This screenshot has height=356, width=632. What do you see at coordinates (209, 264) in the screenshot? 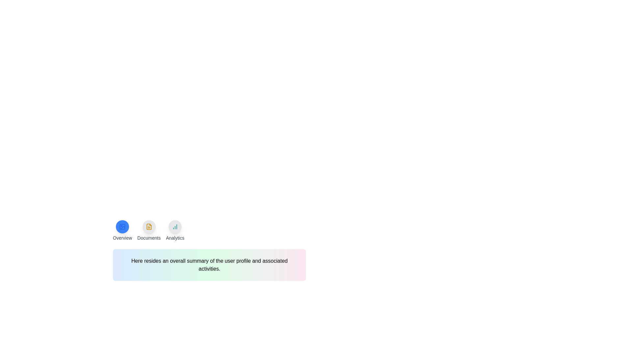
I see `the content of the text component that contains the phrase 'Here resides an overall summary of the user profile and associated activities.'` at bounding box center [209, 264].